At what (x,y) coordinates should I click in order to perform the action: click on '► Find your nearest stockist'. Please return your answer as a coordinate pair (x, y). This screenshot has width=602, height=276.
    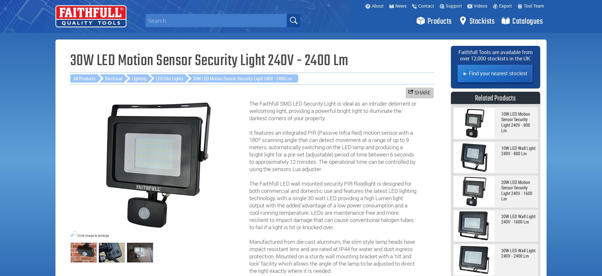
    Looking at the image, I should click on (462, 73).